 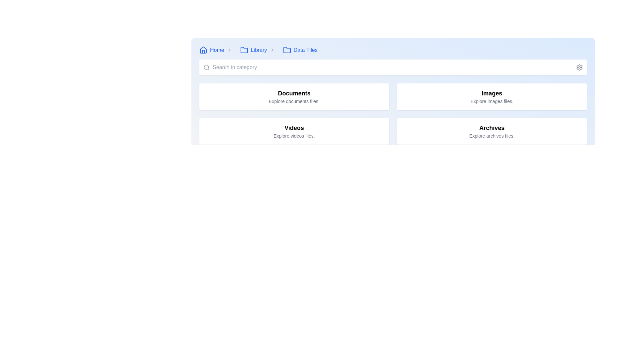 What do you see at coordinates (259, 50) in the screenshot?
I see `the Breadcrumb link that directs to the Library section, located between 'Home' and 'Data Files' in the navigation bar` at bounding box center [259, 50].